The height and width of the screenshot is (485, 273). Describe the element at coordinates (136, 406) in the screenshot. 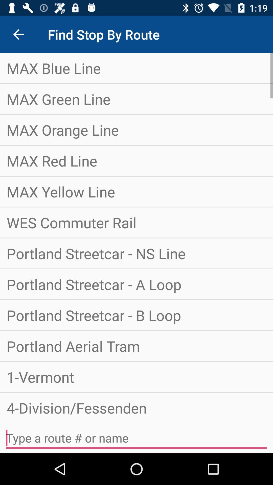

I see `the 4-division/fessenden item` at that location.